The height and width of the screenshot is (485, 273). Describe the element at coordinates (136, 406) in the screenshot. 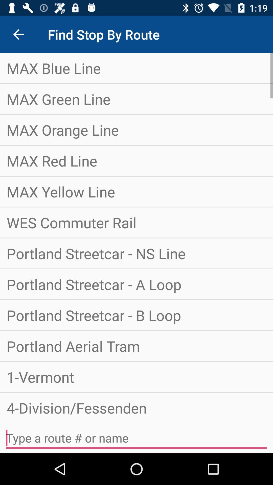

I see `the 4-division/fessenden item` at that location.